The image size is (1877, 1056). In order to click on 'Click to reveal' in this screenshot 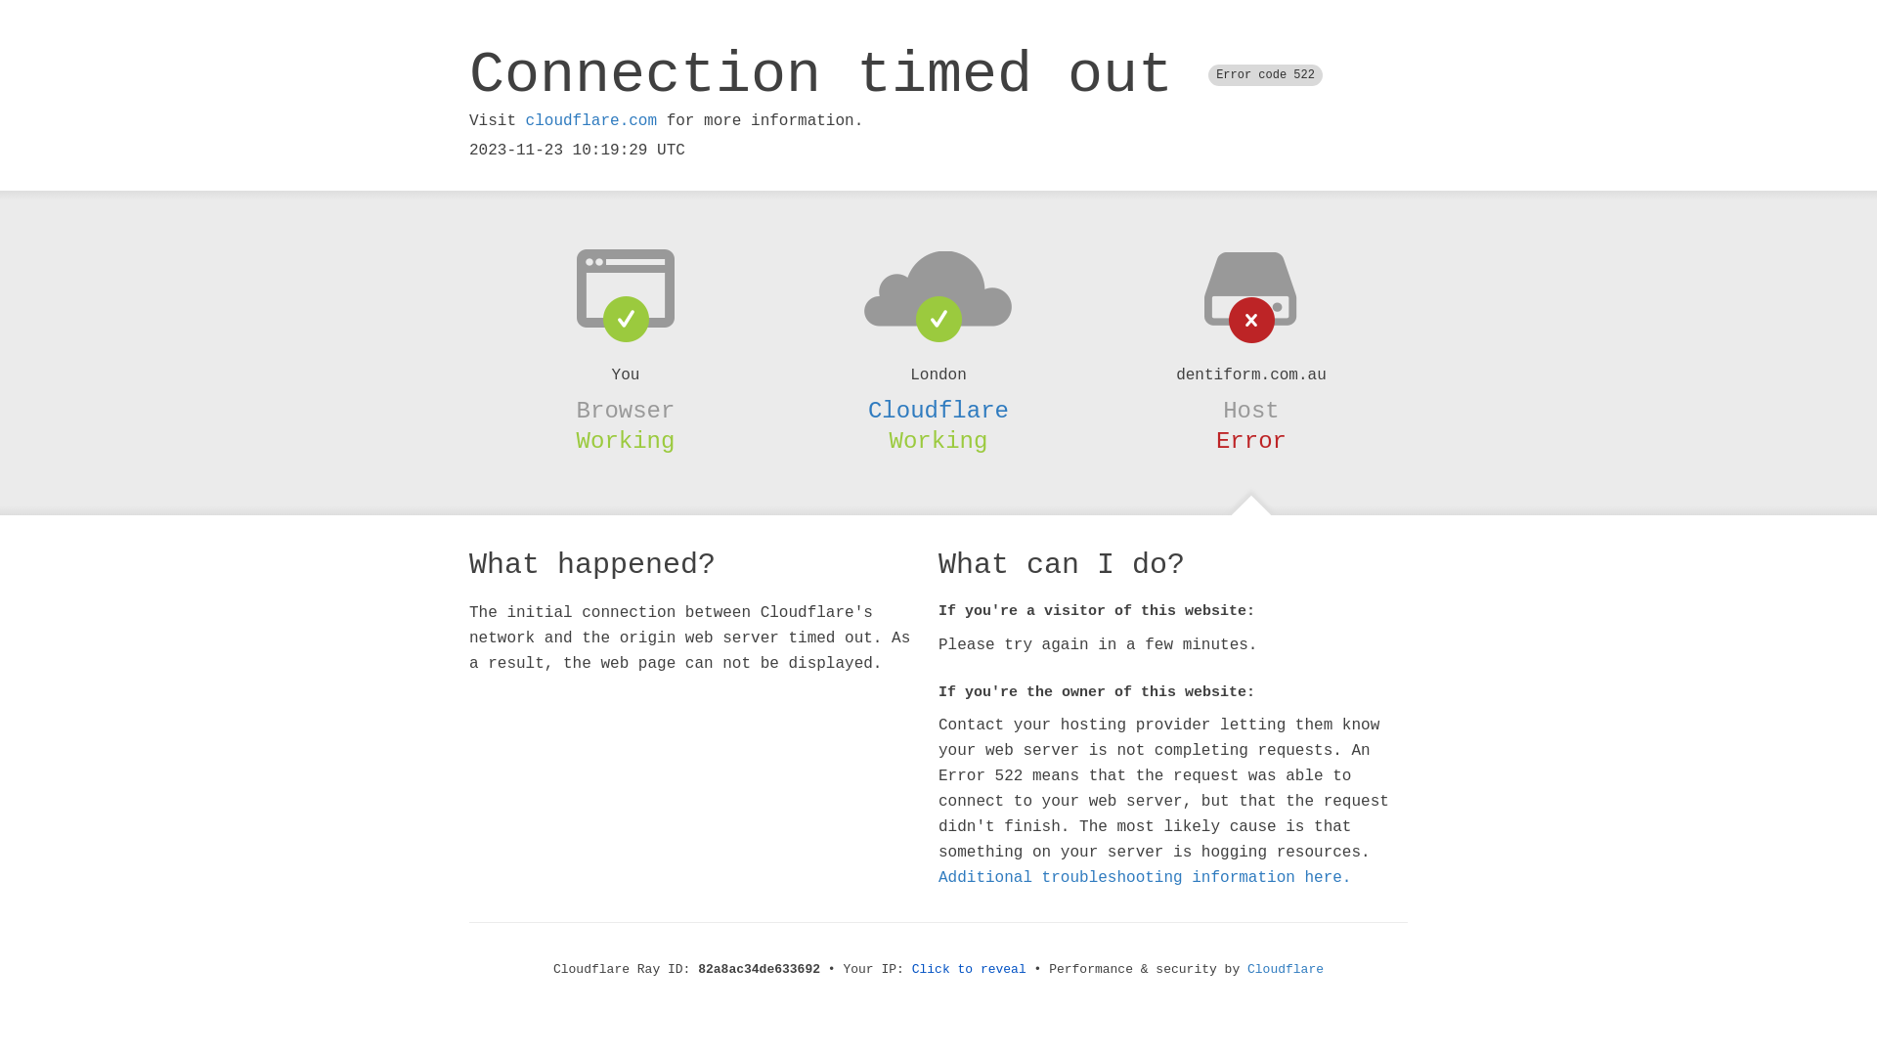, I will do `click(969, 969)`.